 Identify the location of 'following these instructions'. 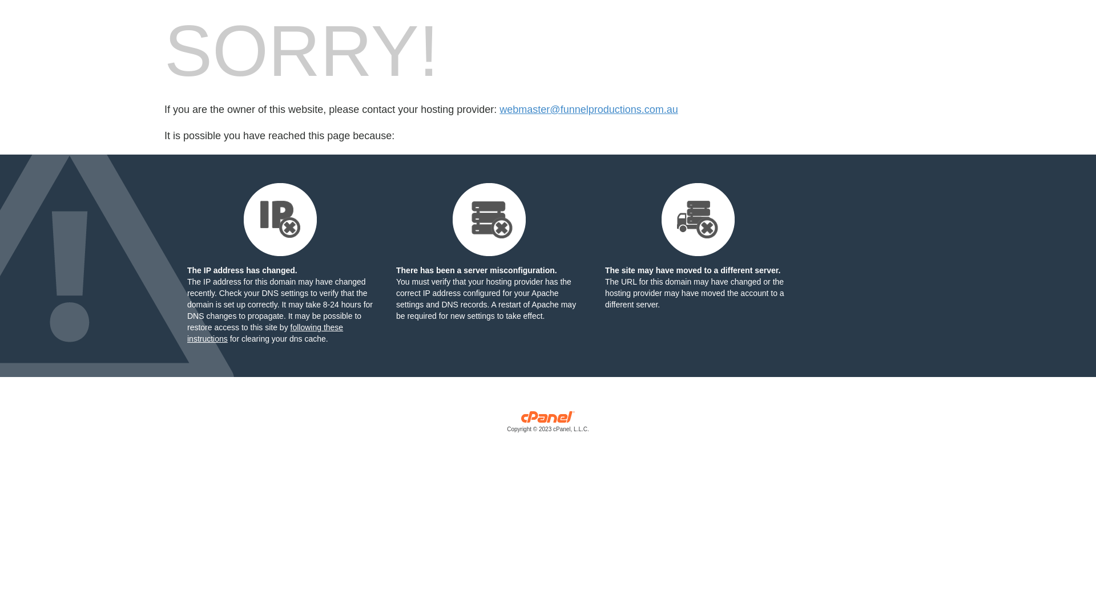
(264, 333).